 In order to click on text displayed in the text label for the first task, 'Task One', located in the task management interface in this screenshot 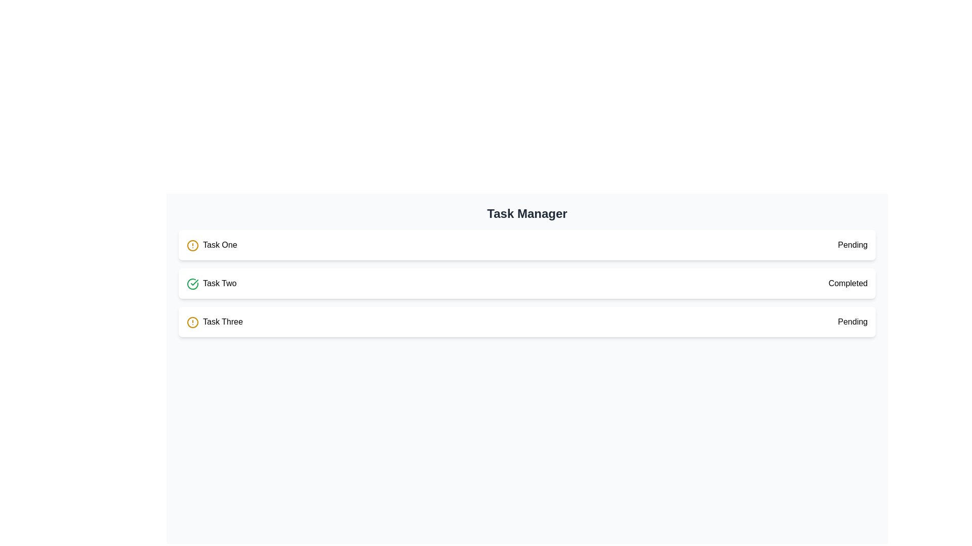, I will do `click(219, 245)`.